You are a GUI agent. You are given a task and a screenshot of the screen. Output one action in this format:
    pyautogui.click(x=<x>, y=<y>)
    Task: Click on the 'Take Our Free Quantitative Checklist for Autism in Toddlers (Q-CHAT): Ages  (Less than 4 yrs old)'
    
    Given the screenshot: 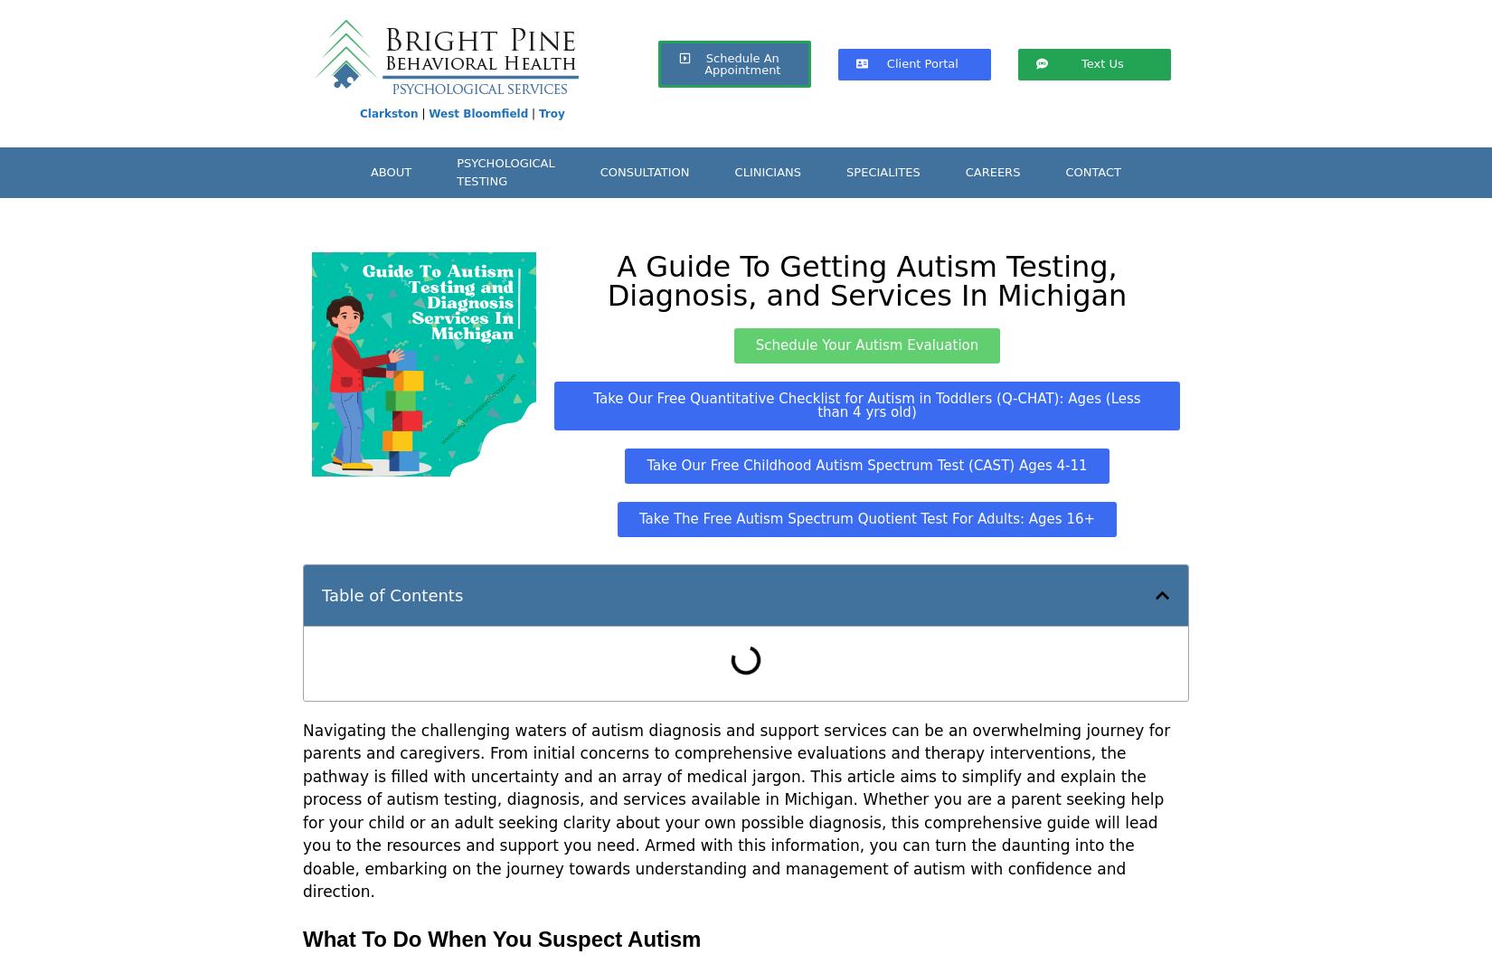 What is the action you would take?
    pyautogui.click(x=866, y=405)
    